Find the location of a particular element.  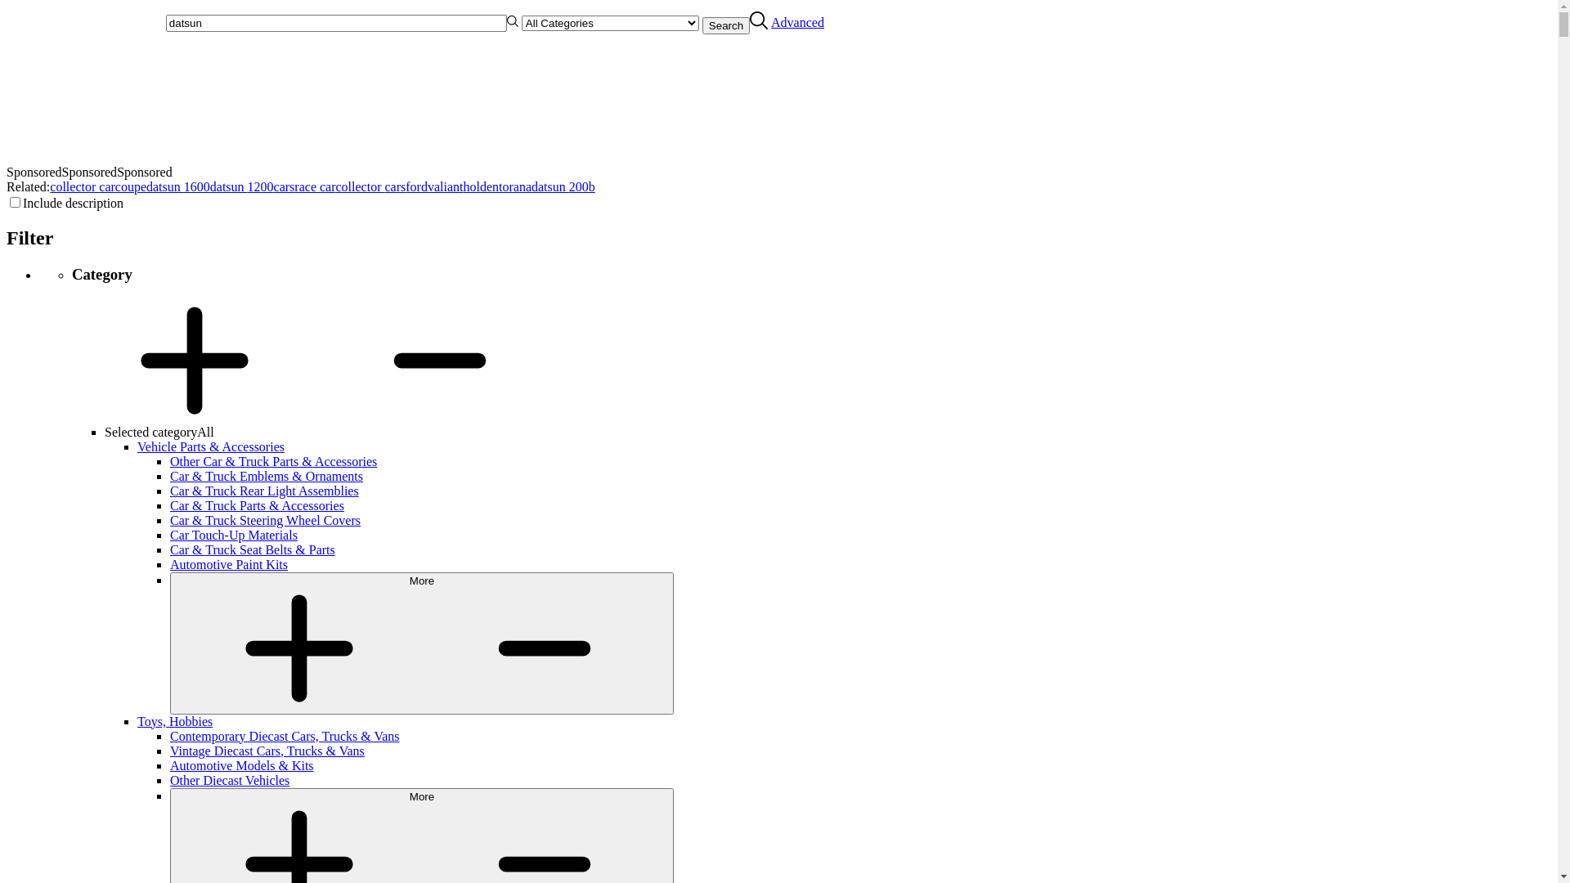

'race car' is located at coordinates (314, 186).